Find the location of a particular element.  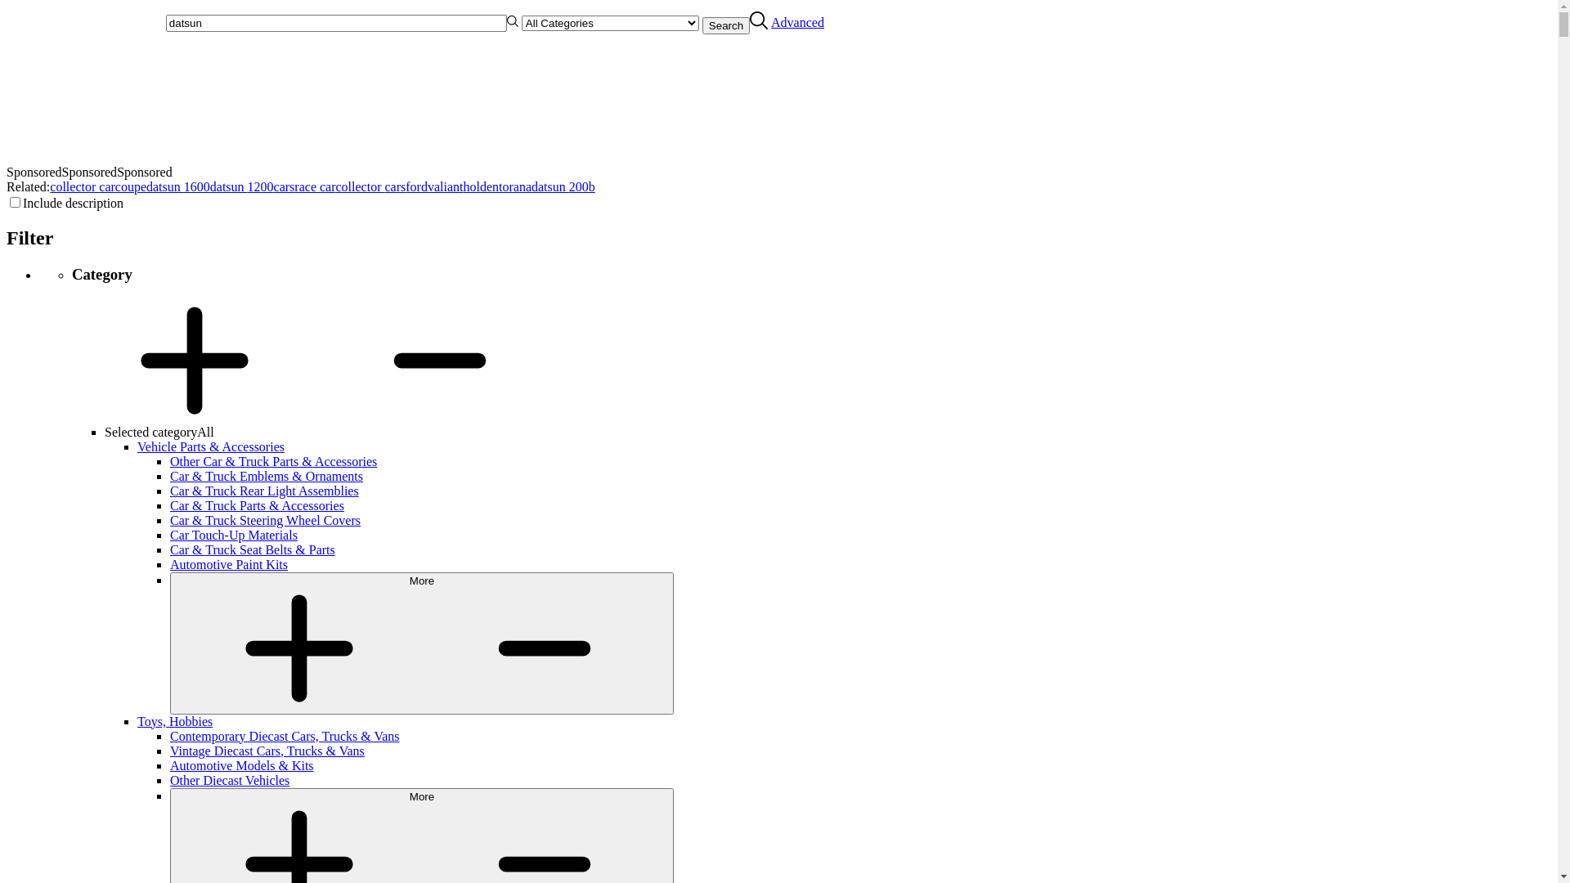

'race car' is located at coordinates (314, 186).